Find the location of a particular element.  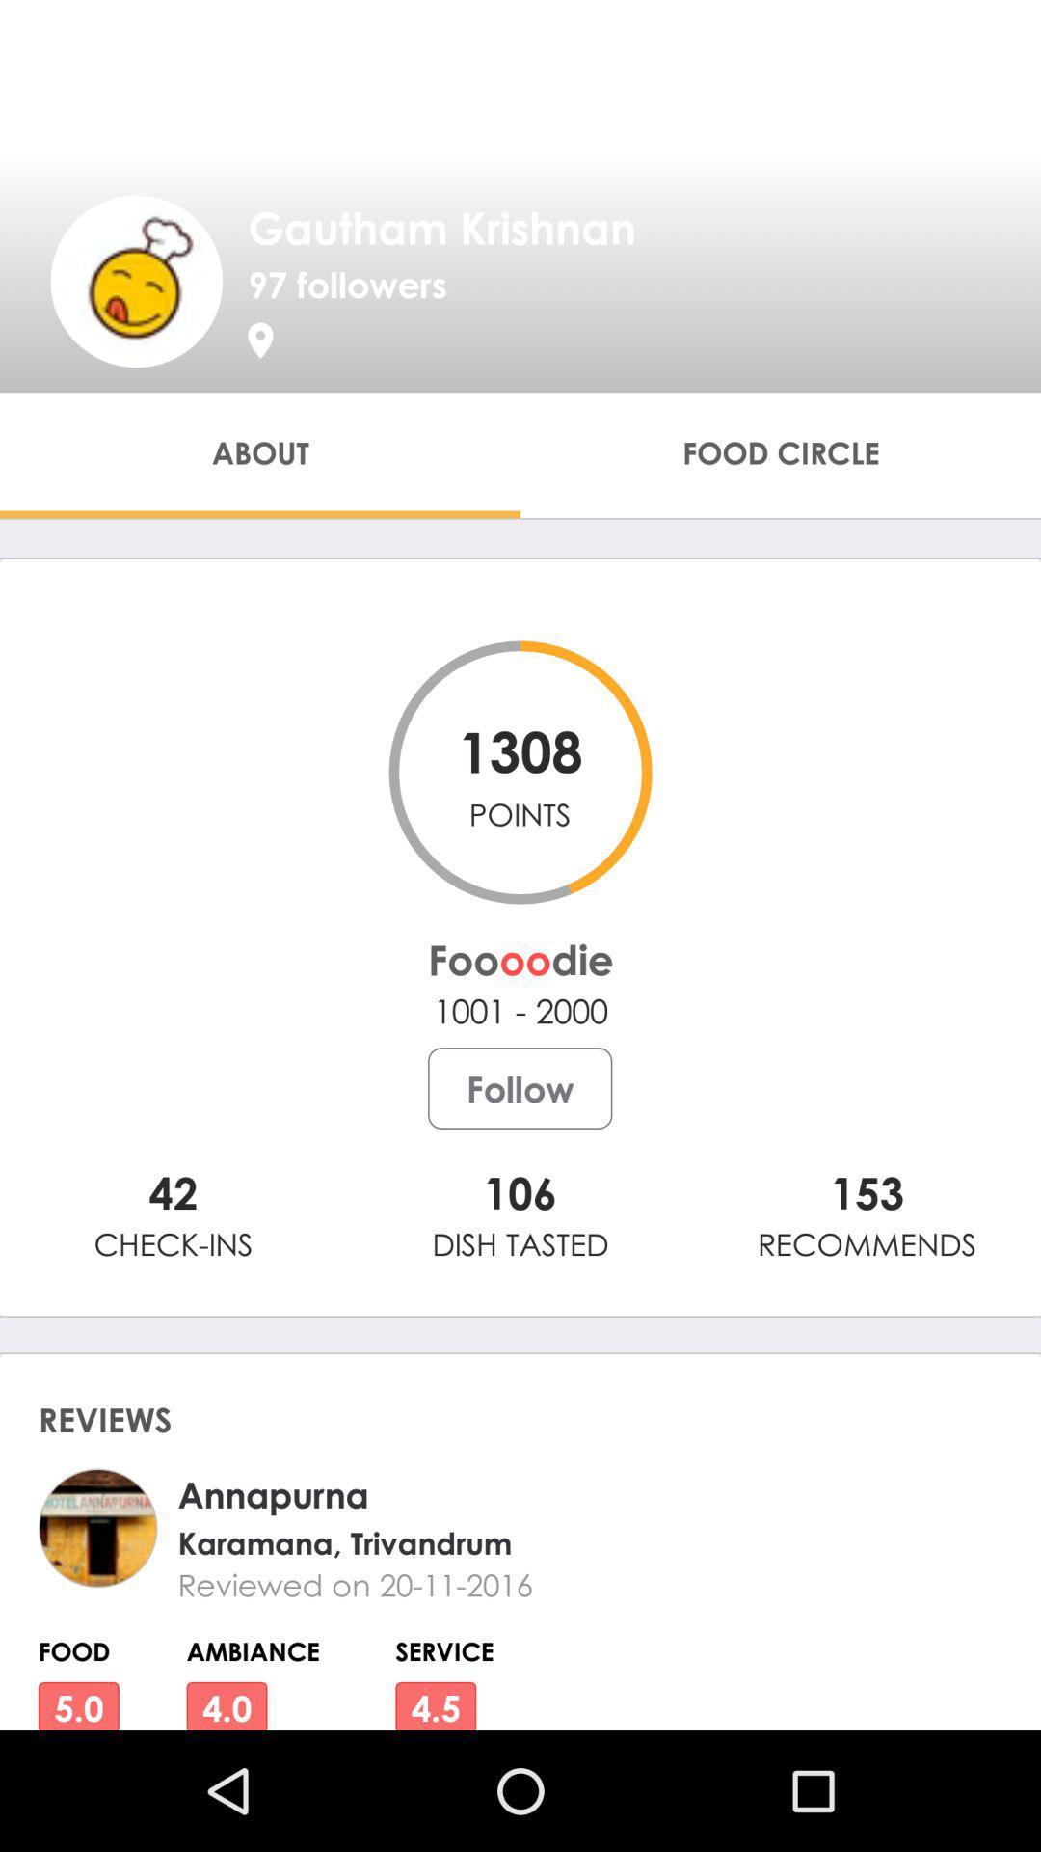

annapurna is located at coordinates (553, 1493).